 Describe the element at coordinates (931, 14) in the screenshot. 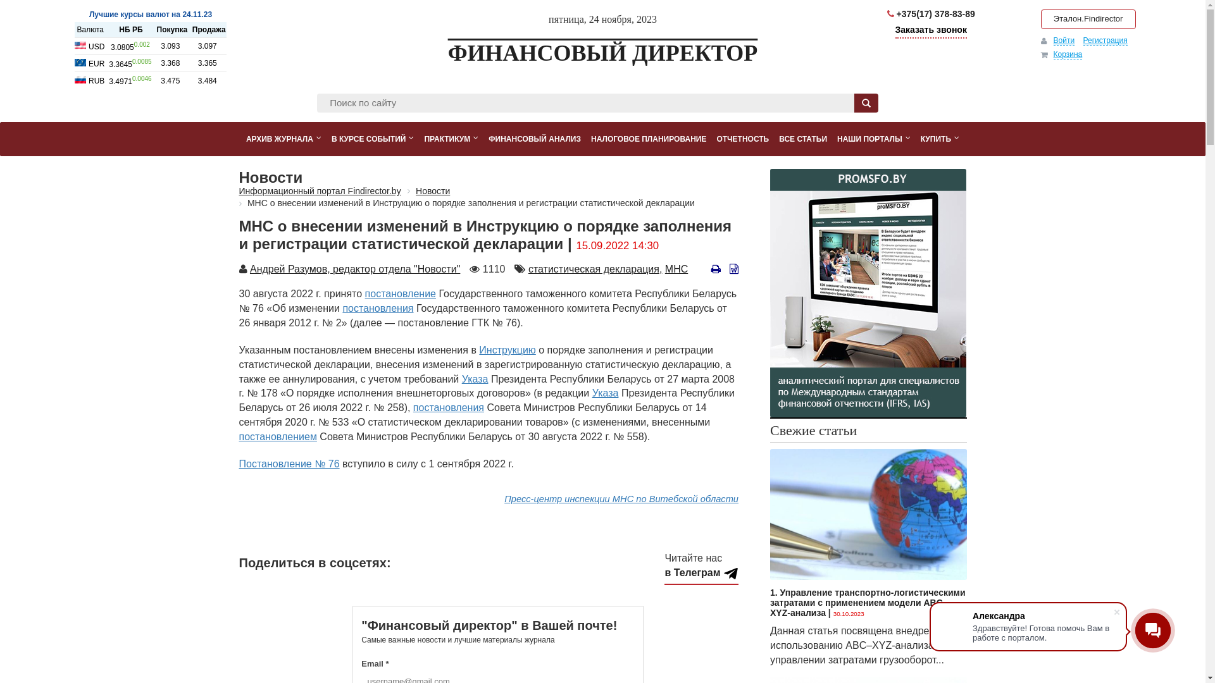

I see `'+375(17) 378-83-89'` at that location.